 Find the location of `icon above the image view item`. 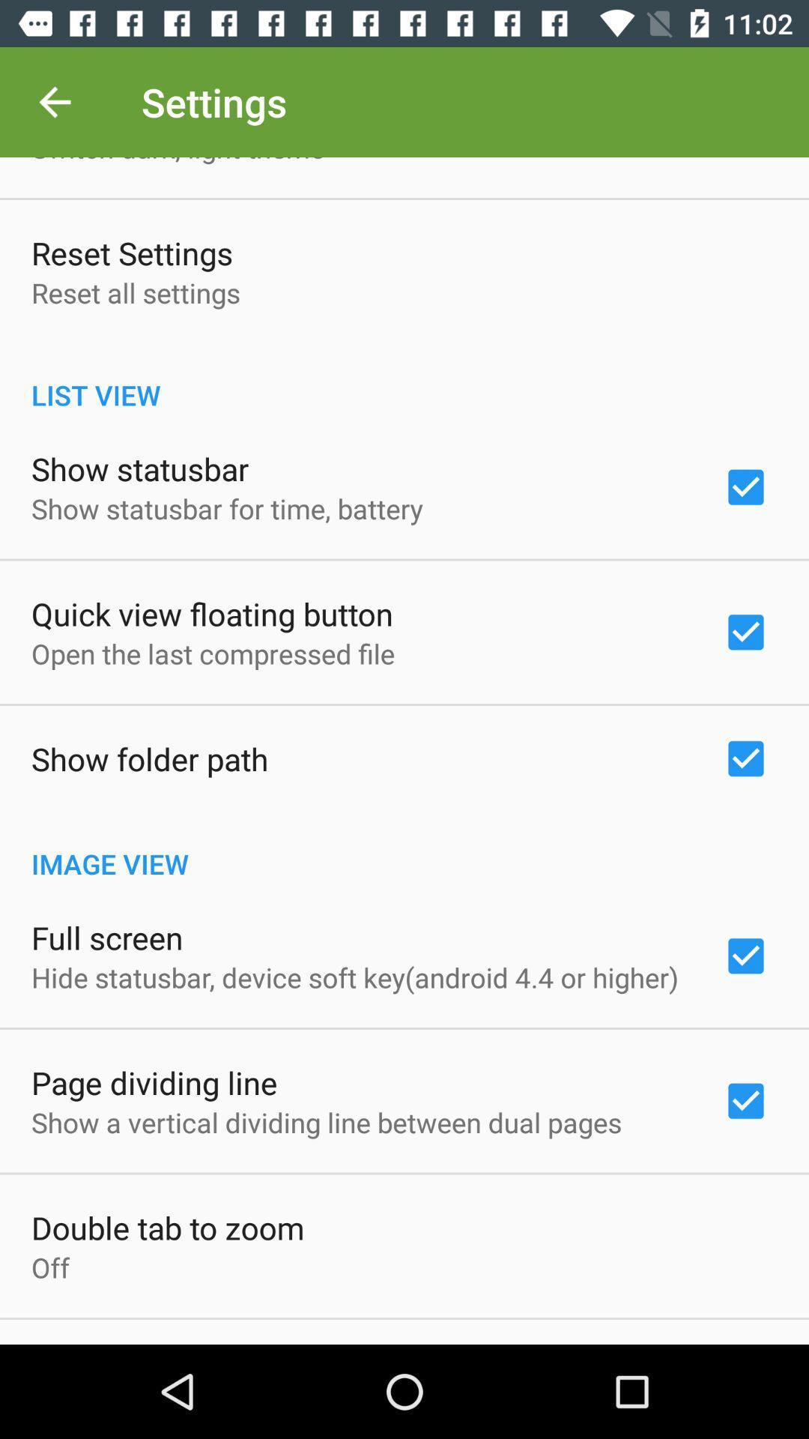

icon above the image view item is located at coordinates (150, 758).